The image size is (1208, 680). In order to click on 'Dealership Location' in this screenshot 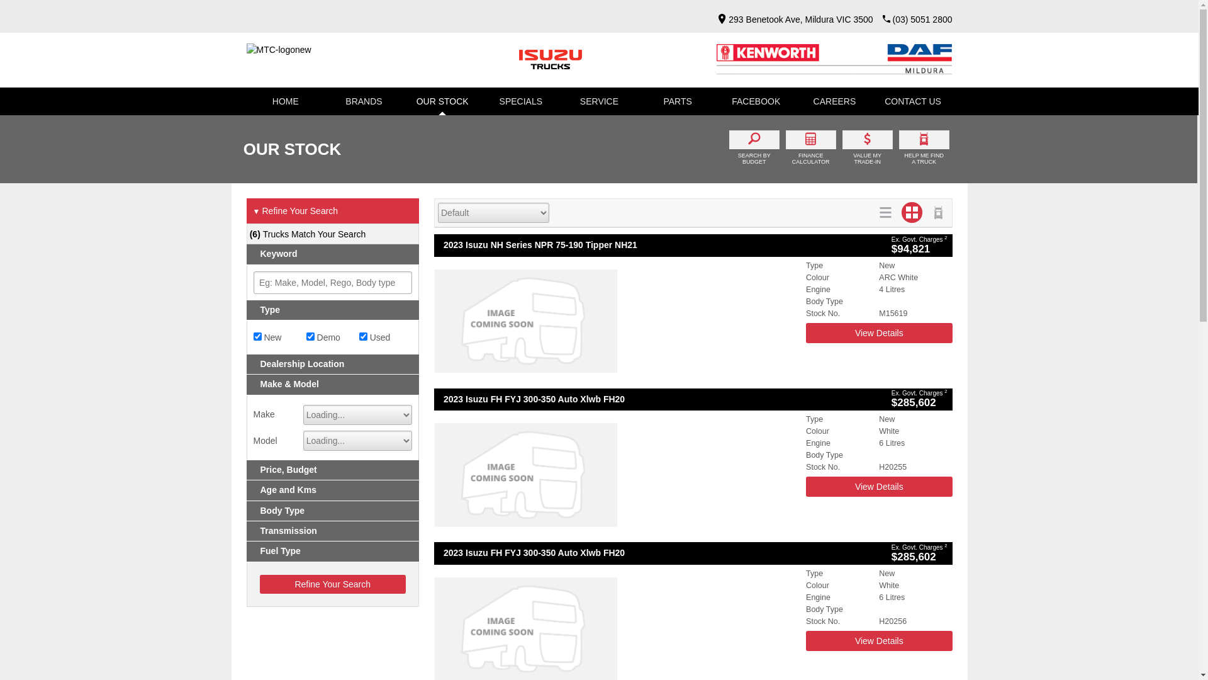, I will do `click(247, 364)`.